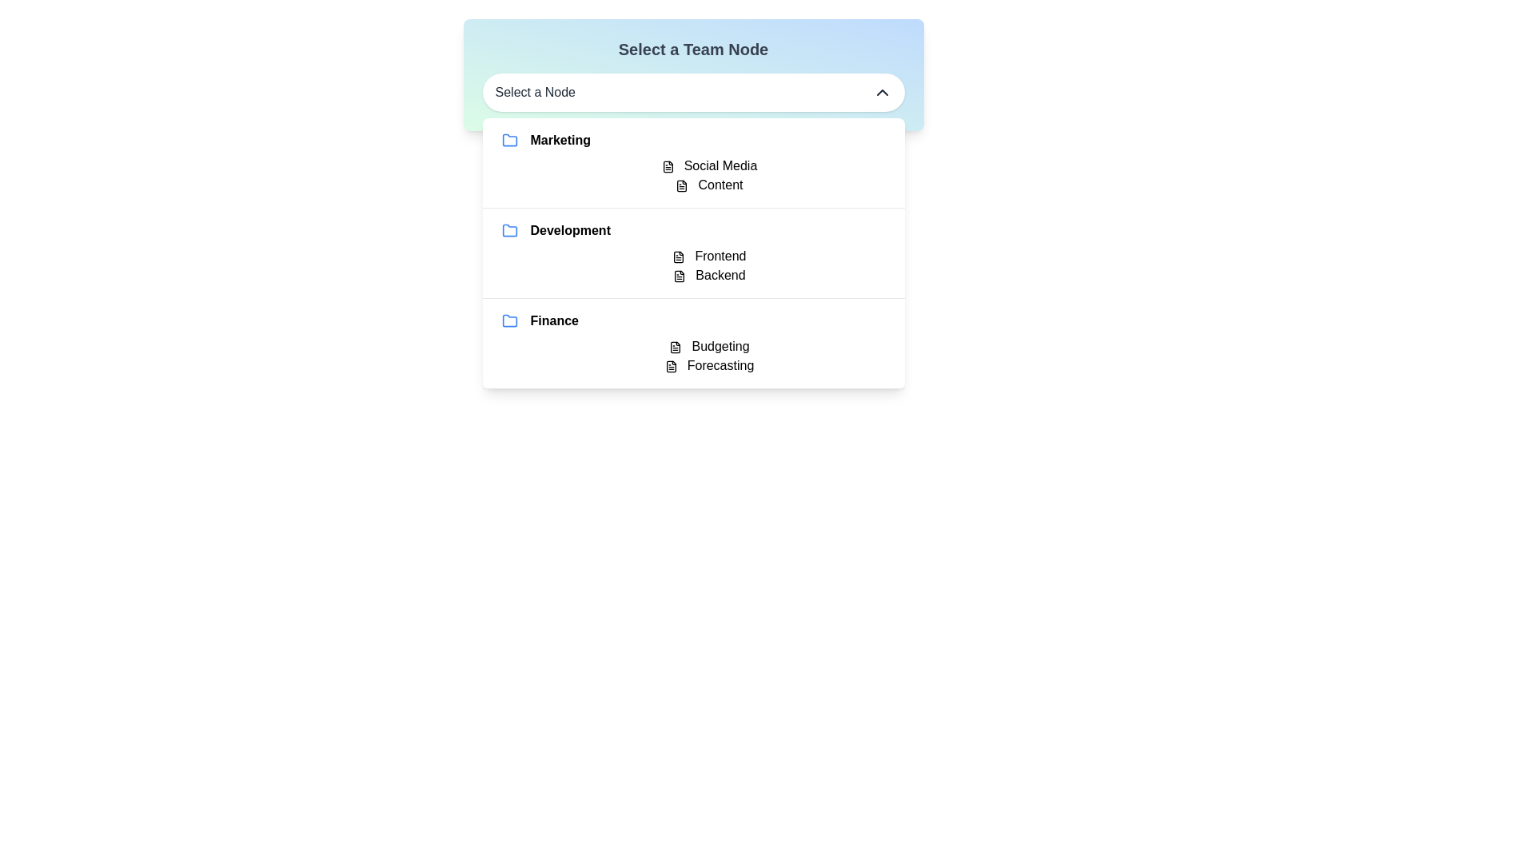 This screenshot has width=1535, height=863. I want to click on the 'Budgeting' item within the 'Finance' collapsible list item, so click(693, 343).